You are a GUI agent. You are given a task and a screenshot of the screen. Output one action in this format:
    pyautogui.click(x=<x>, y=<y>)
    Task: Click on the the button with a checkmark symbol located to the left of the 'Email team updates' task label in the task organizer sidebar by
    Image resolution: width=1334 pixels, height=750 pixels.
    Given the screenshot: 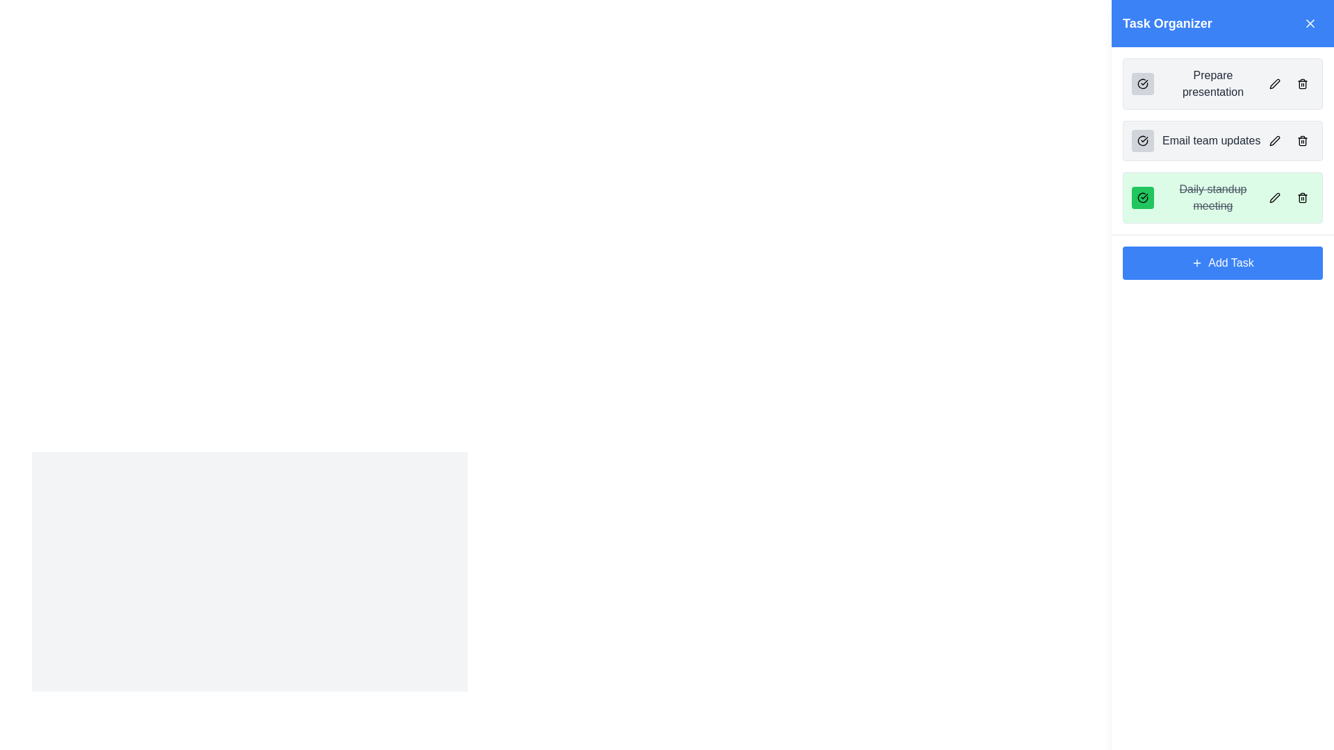 What is the action you would take?
    pyautogui.click(x=1143, y=141)
    